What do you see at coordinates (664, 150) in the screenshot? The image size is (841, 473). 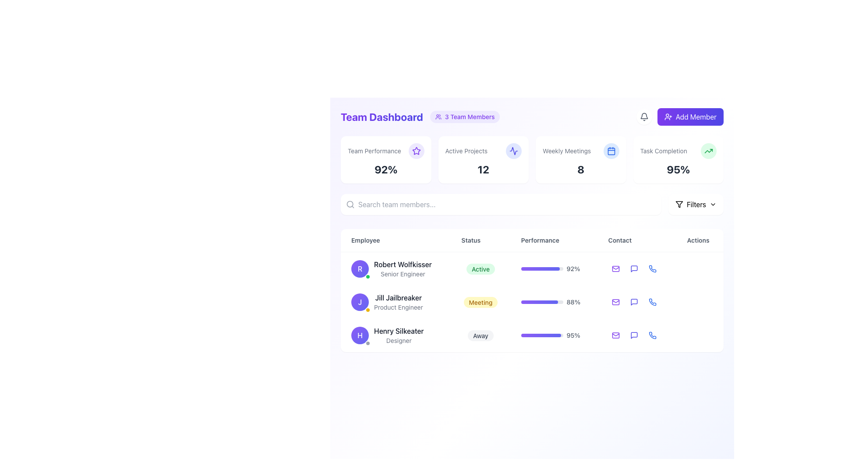 I see `the descriptive text label located in the upper-right section of the interface, which precedes a circular background shape containing an upward trending arrow icon` at bounding box center [664, 150].